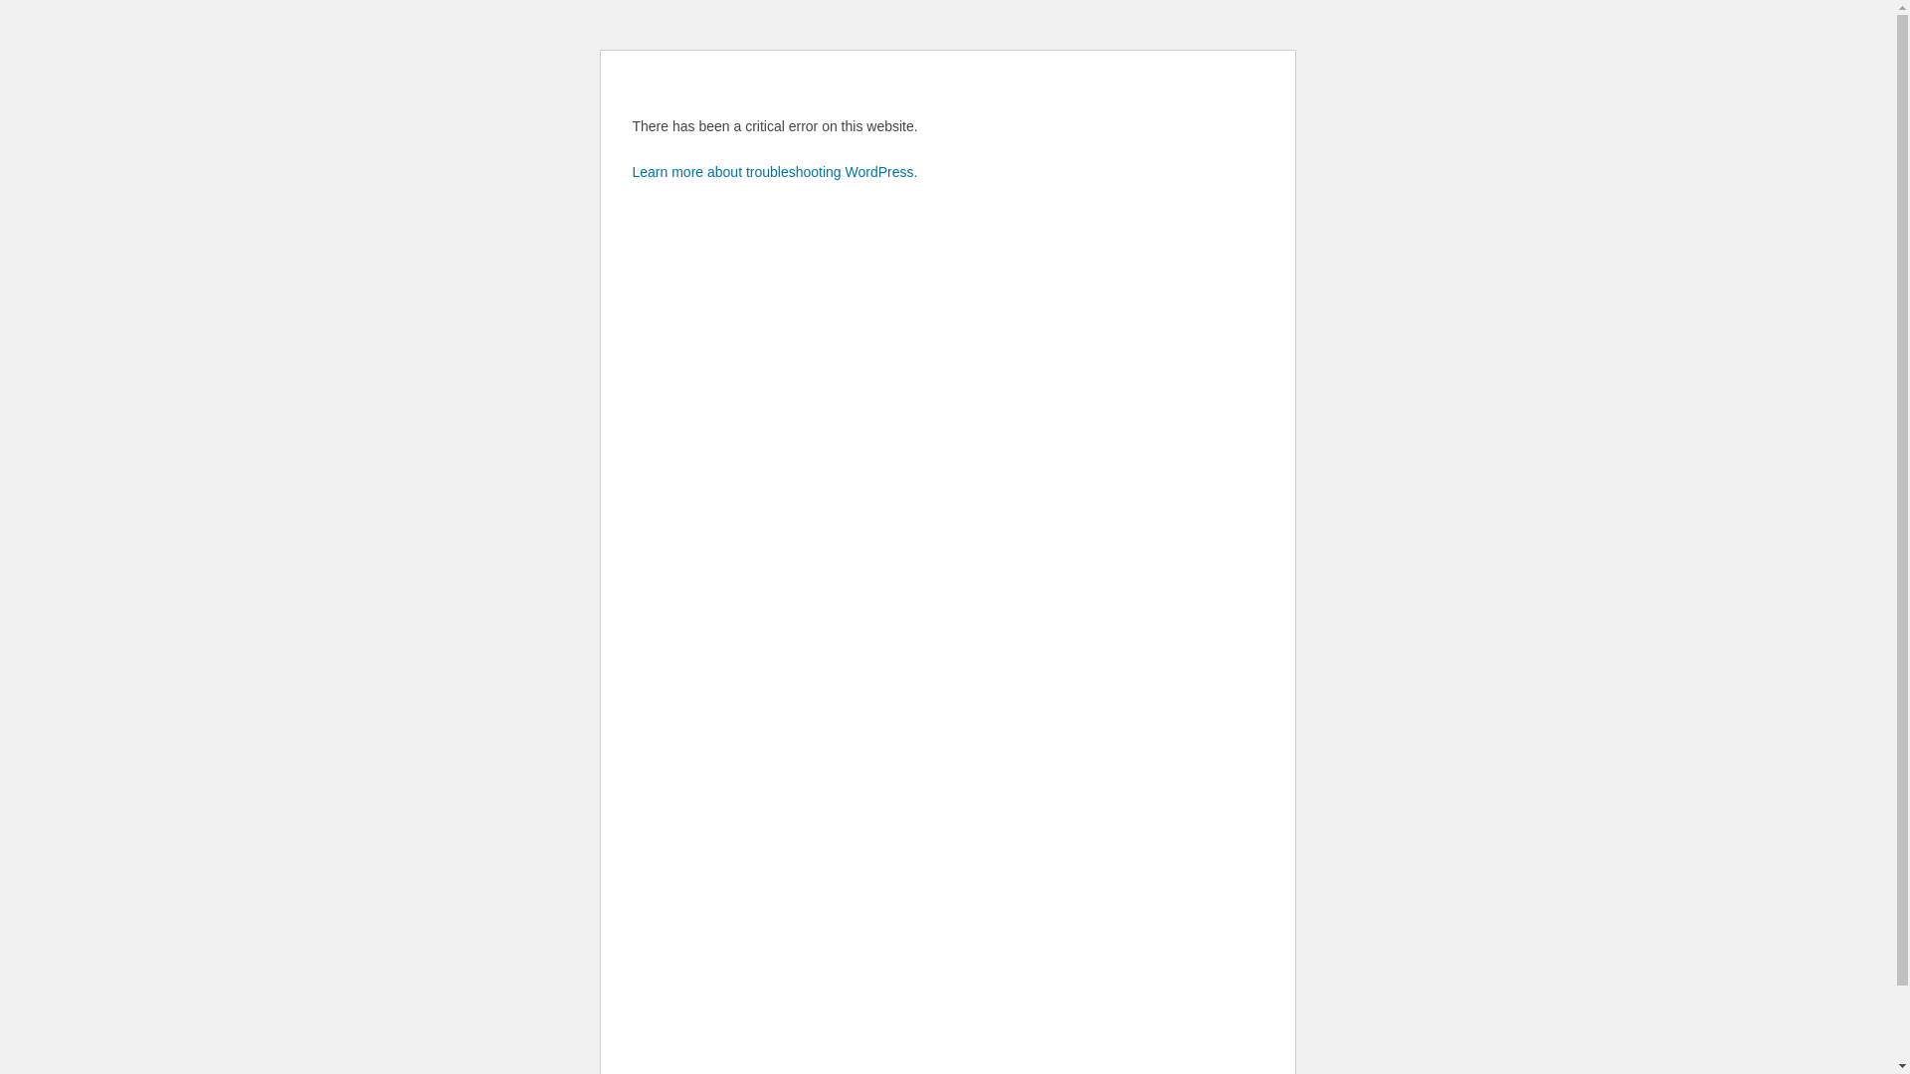  Describe the element at coordinates (774, 171) in the screenshot. I see `'Learn more about troubleshooting WordPress.'` at that location.